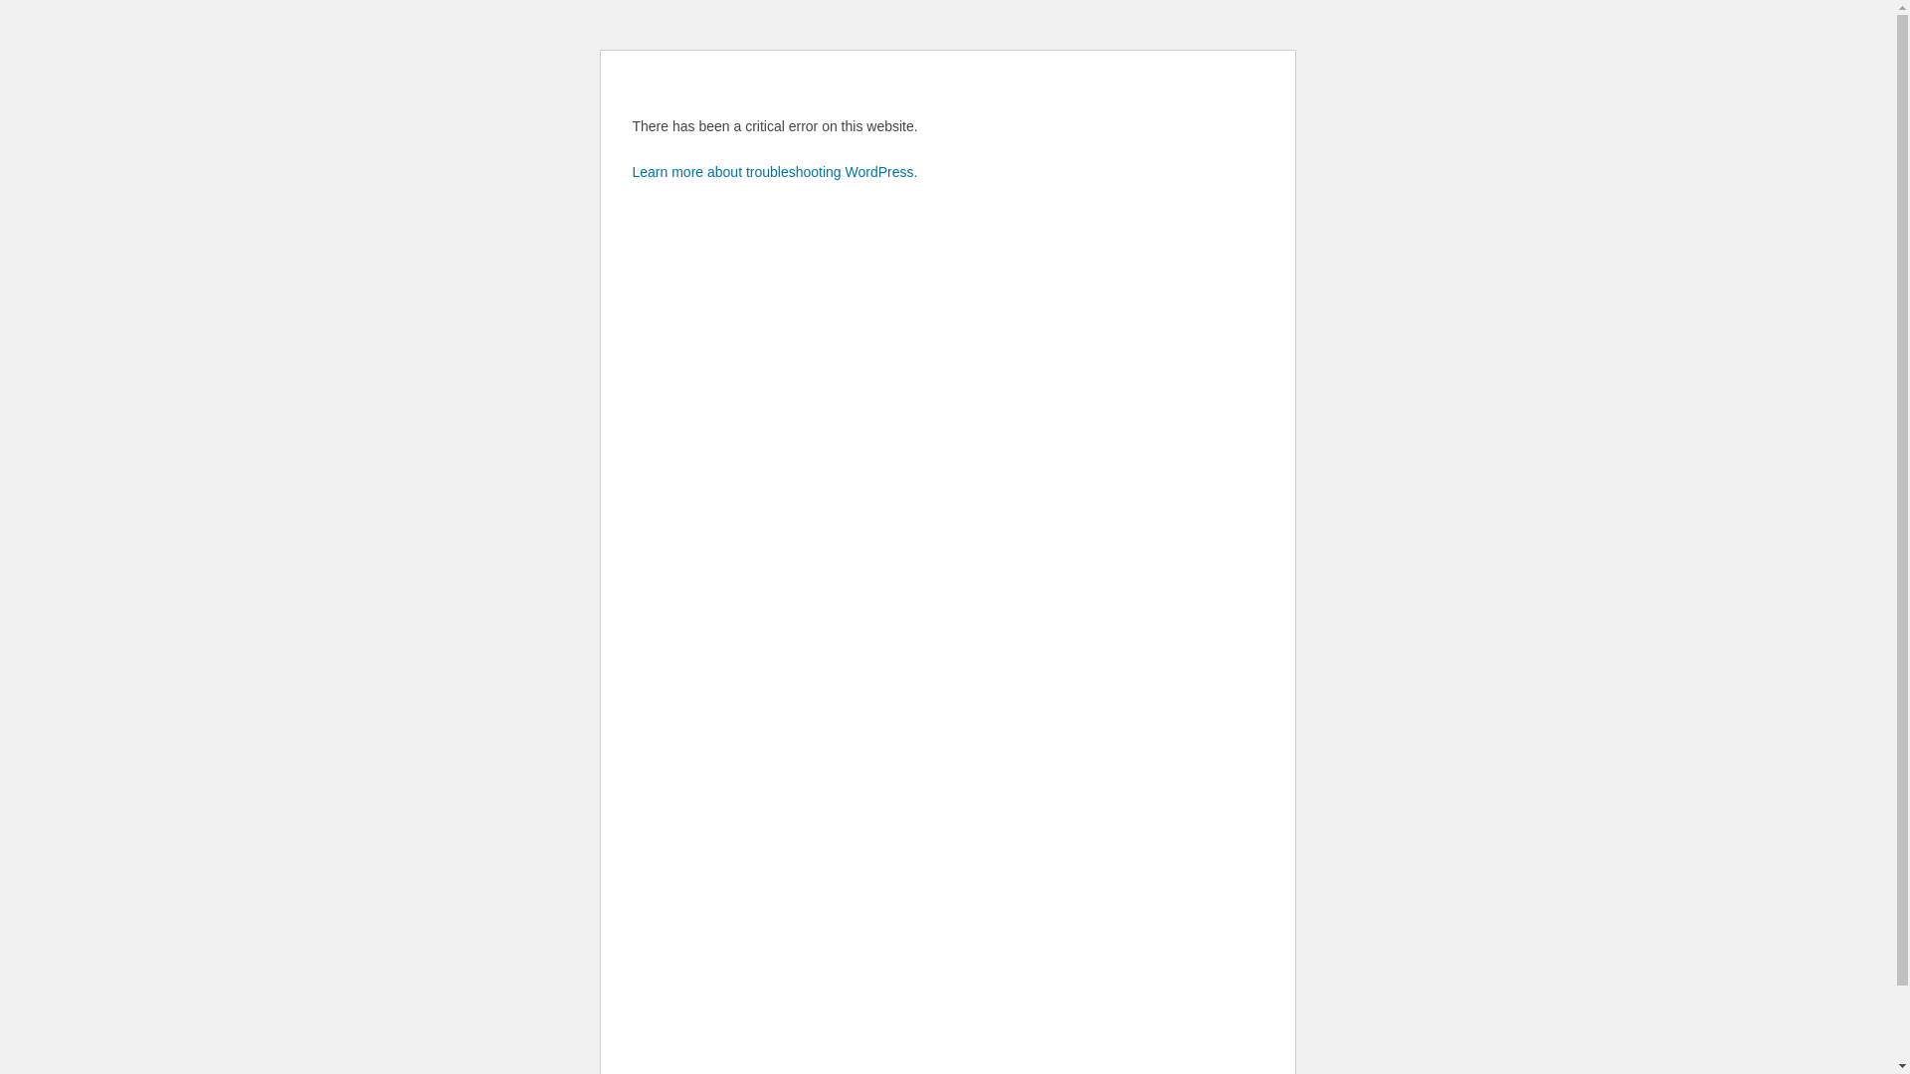  Describe the element at coordinates (774, 171) in the screenshot. I see `'Learn more about troubleshooting WordPress.'` at that location.